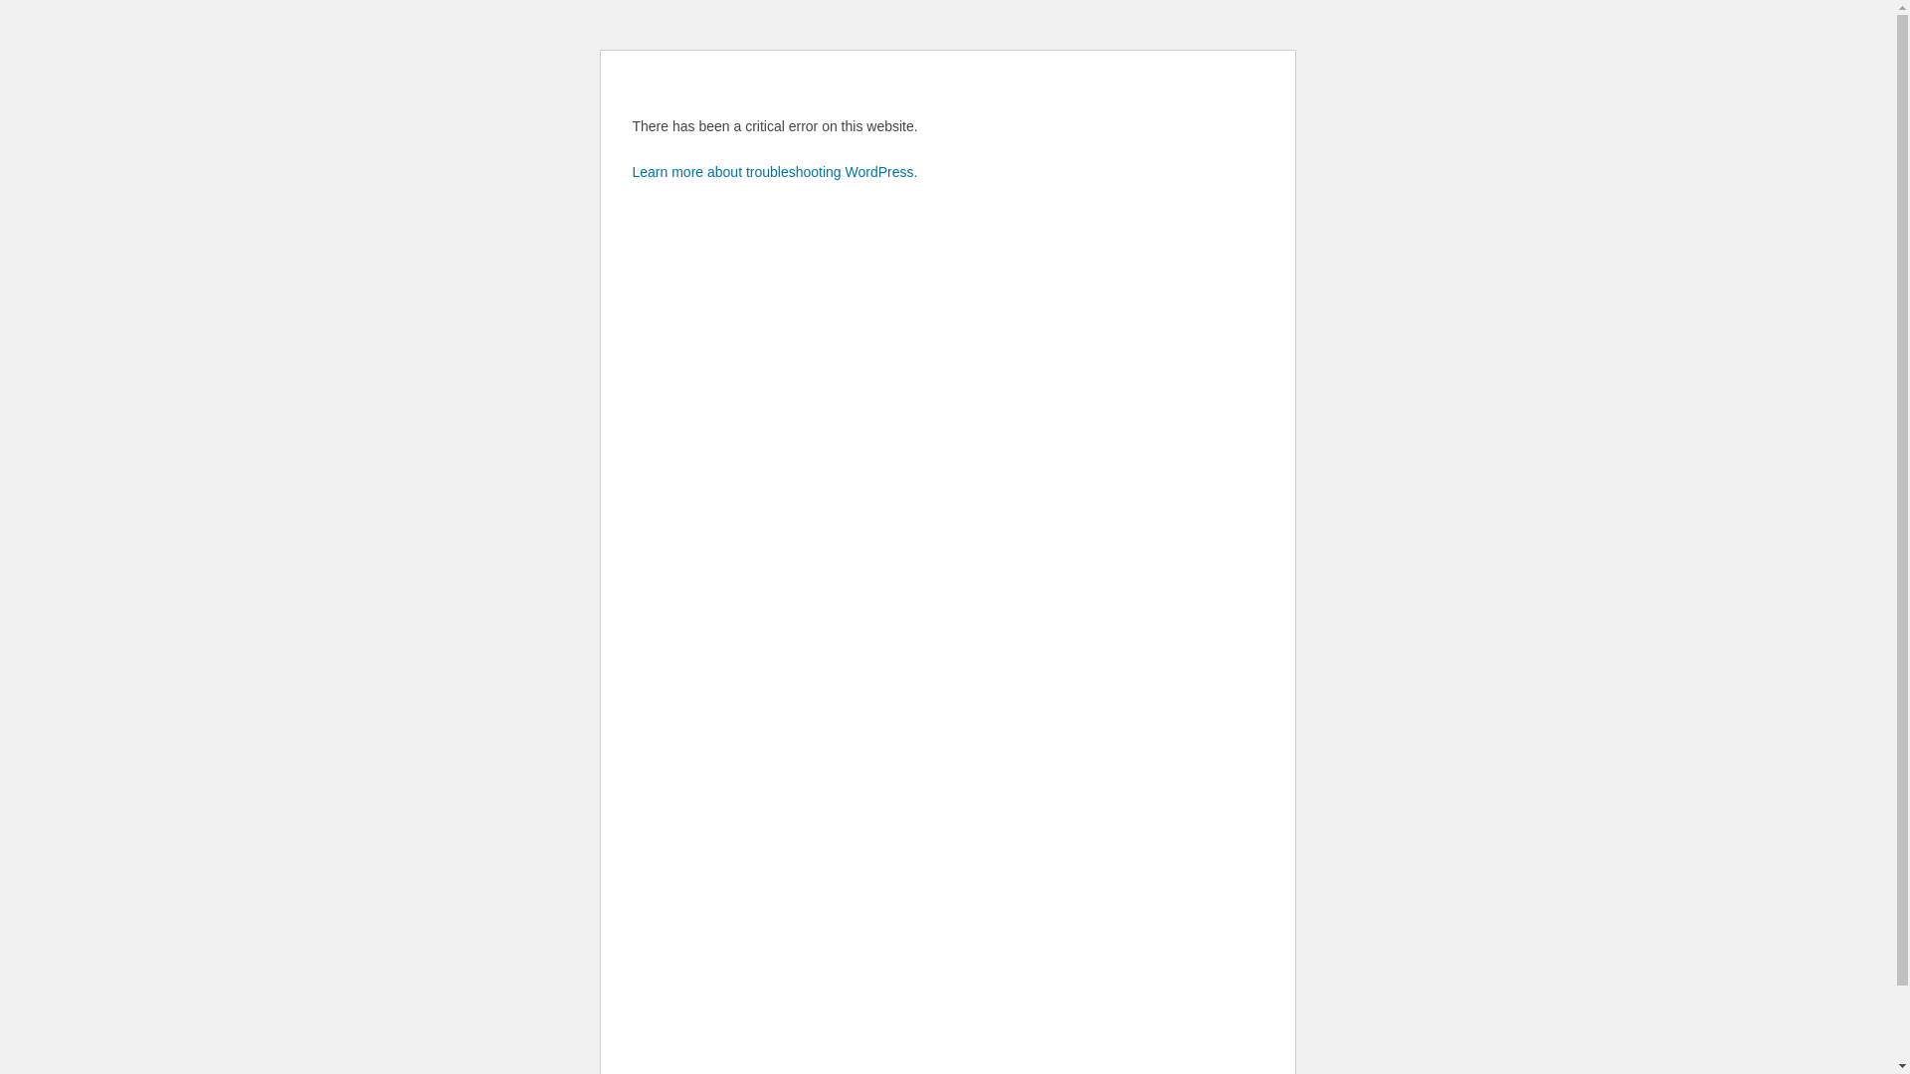  Describe the element at coordinates (774, 171) in the screenshot. I see `'Learn more about troubleshooting WordPress.'` at that location.